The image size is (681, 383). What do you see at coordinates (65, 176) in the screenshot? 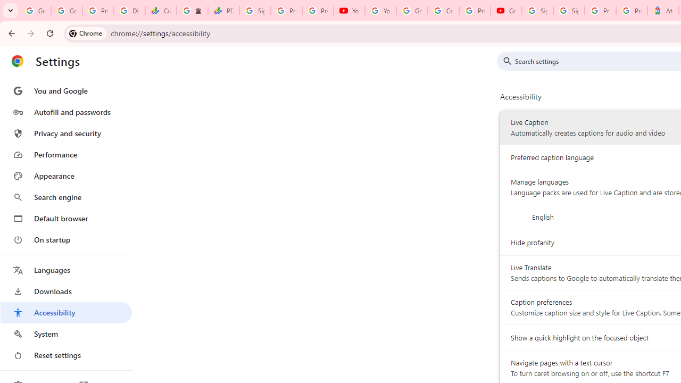
I see `'Appearance'` at bounding box center [65, 176].